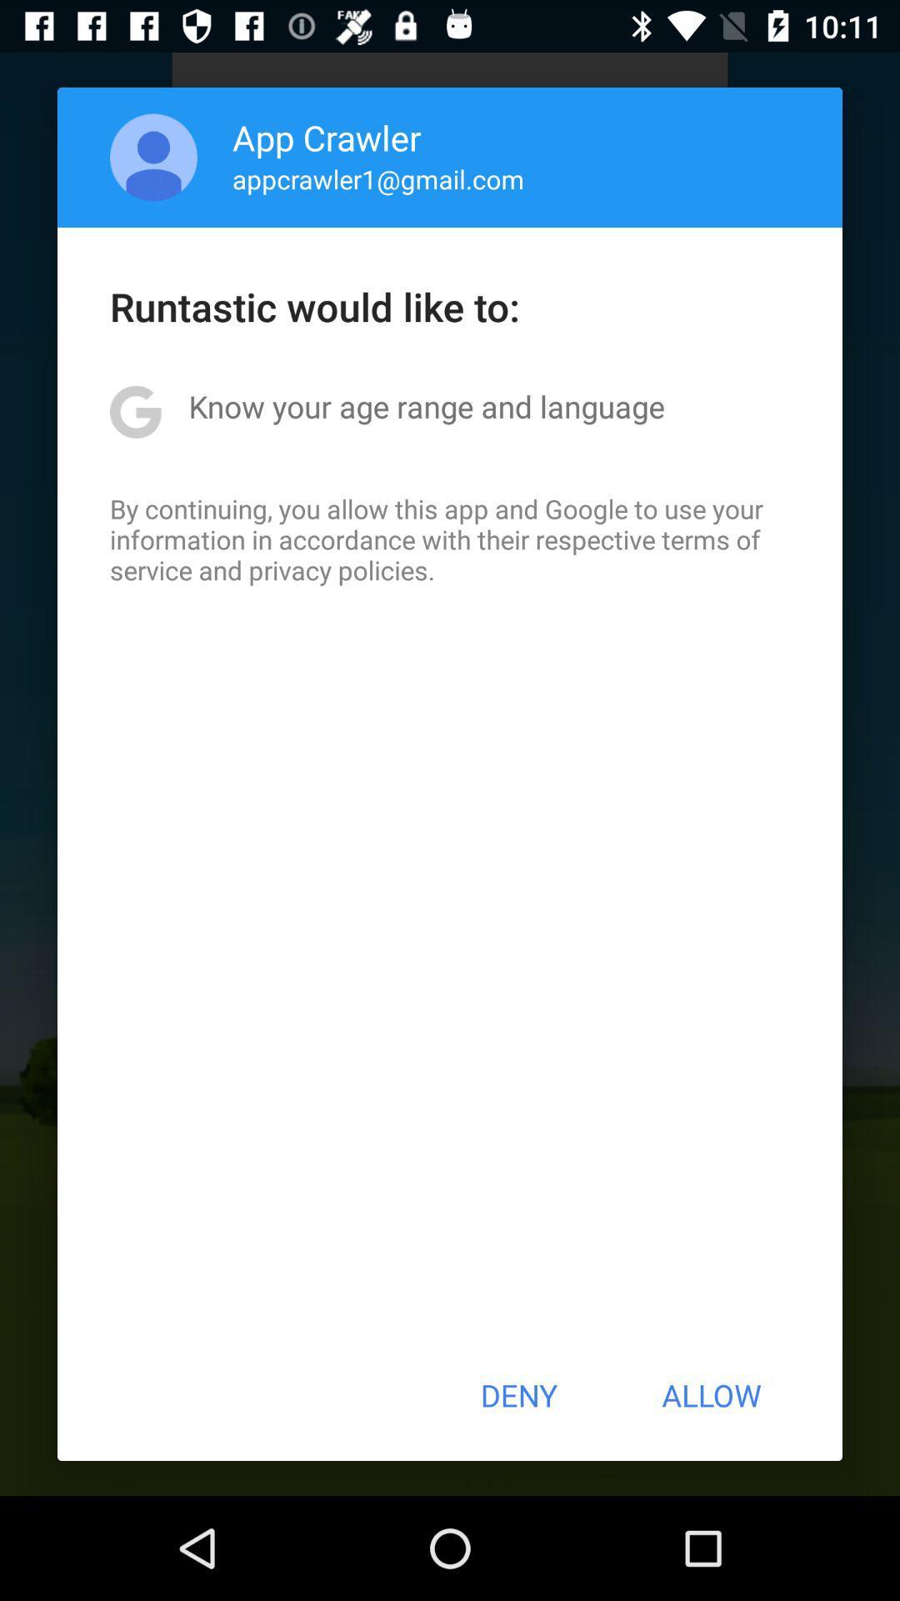  I want to click on item below the app crawler icon, so click(378, 178).